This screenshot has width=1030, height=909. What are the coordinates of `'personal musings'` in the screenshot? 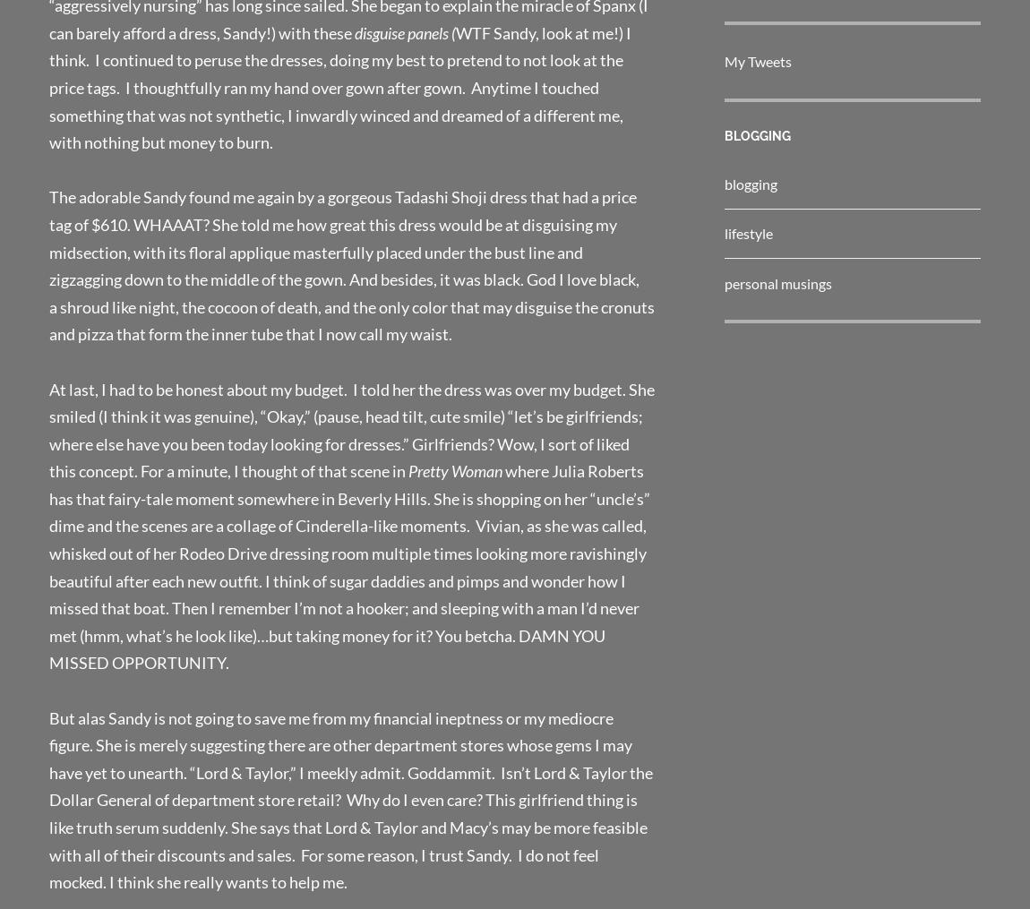 It's located at (778, 281).